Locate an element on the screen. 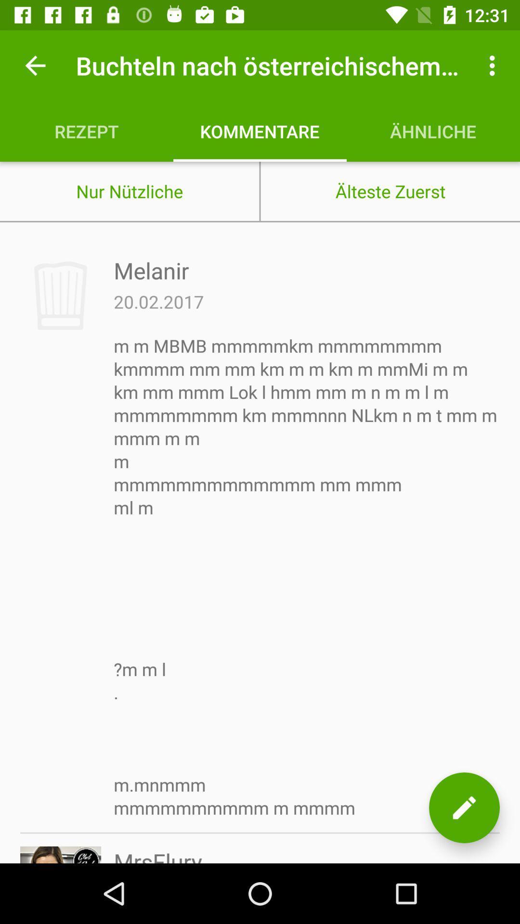  item above rezept is located at coordinates (35, 65).